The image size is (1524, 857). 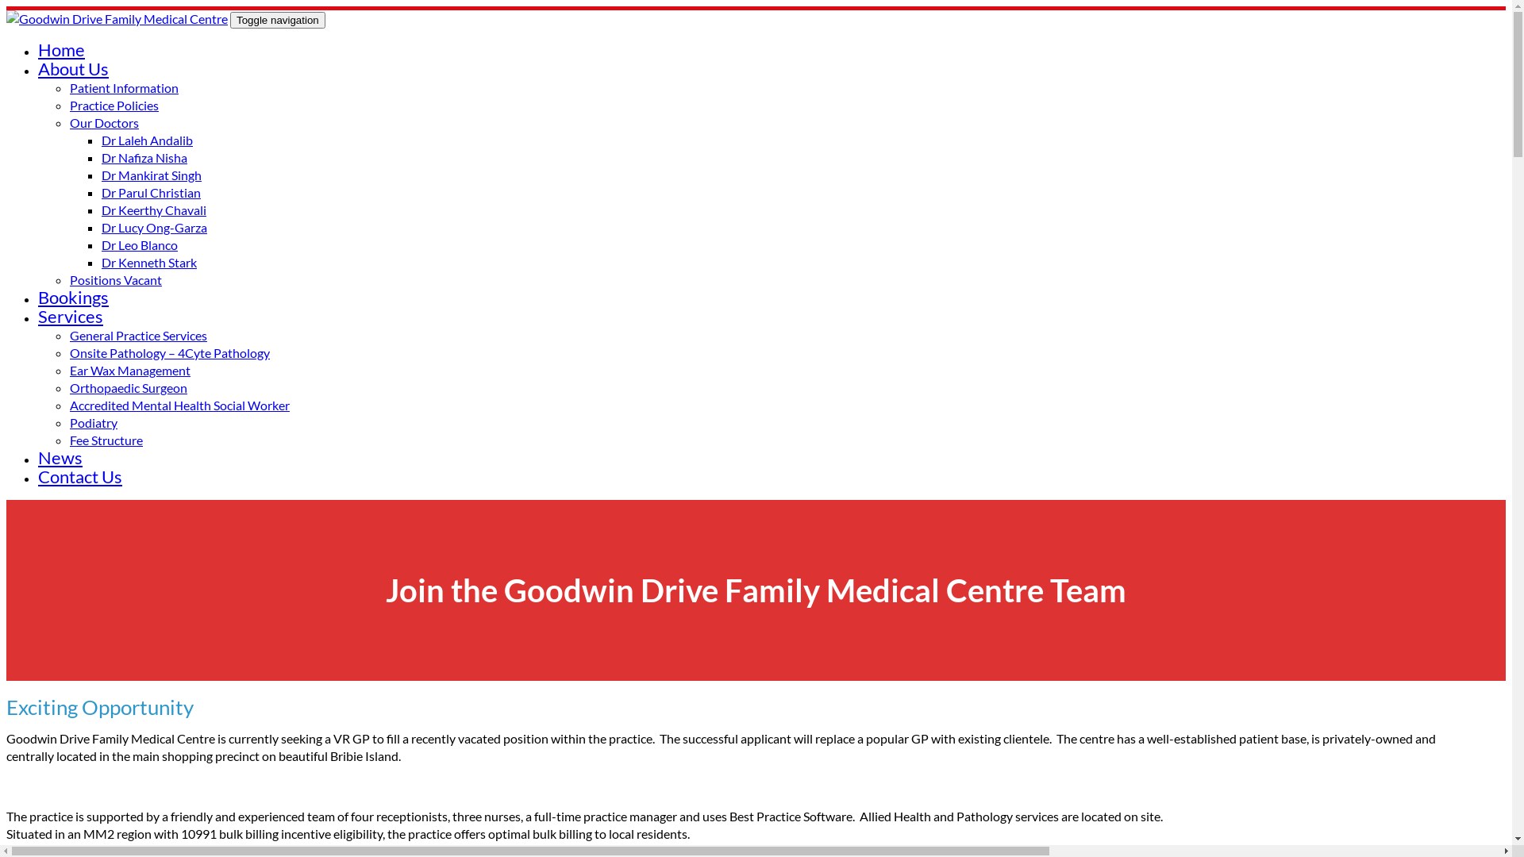 I want to click on 'Dr Parul Christian', so click(x=151, y=191).